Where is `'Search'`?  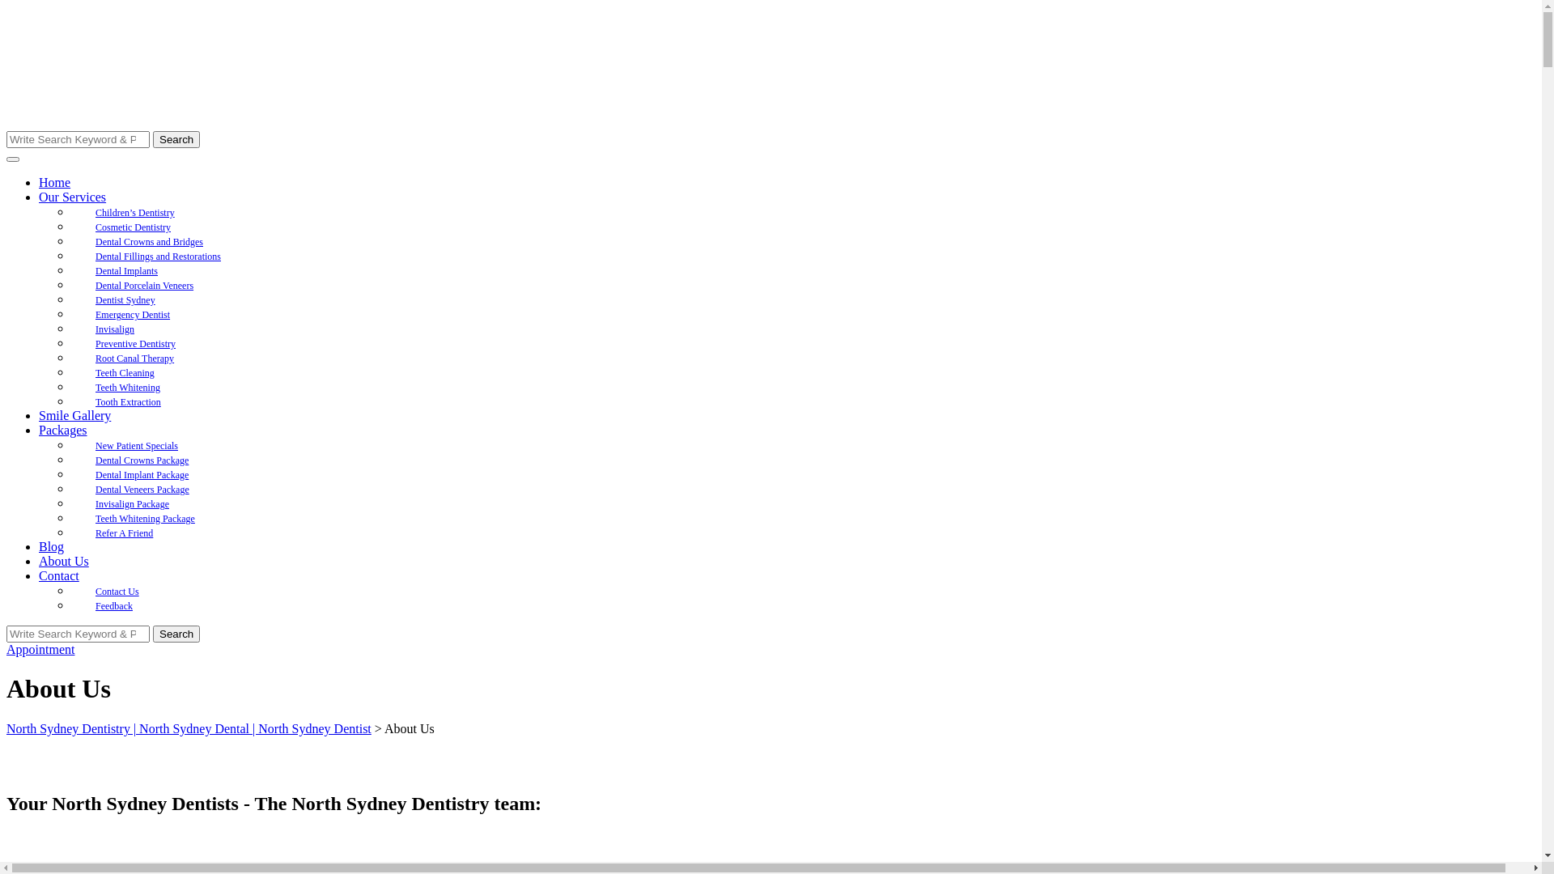 'Search' is located at coordinates (176, 138).